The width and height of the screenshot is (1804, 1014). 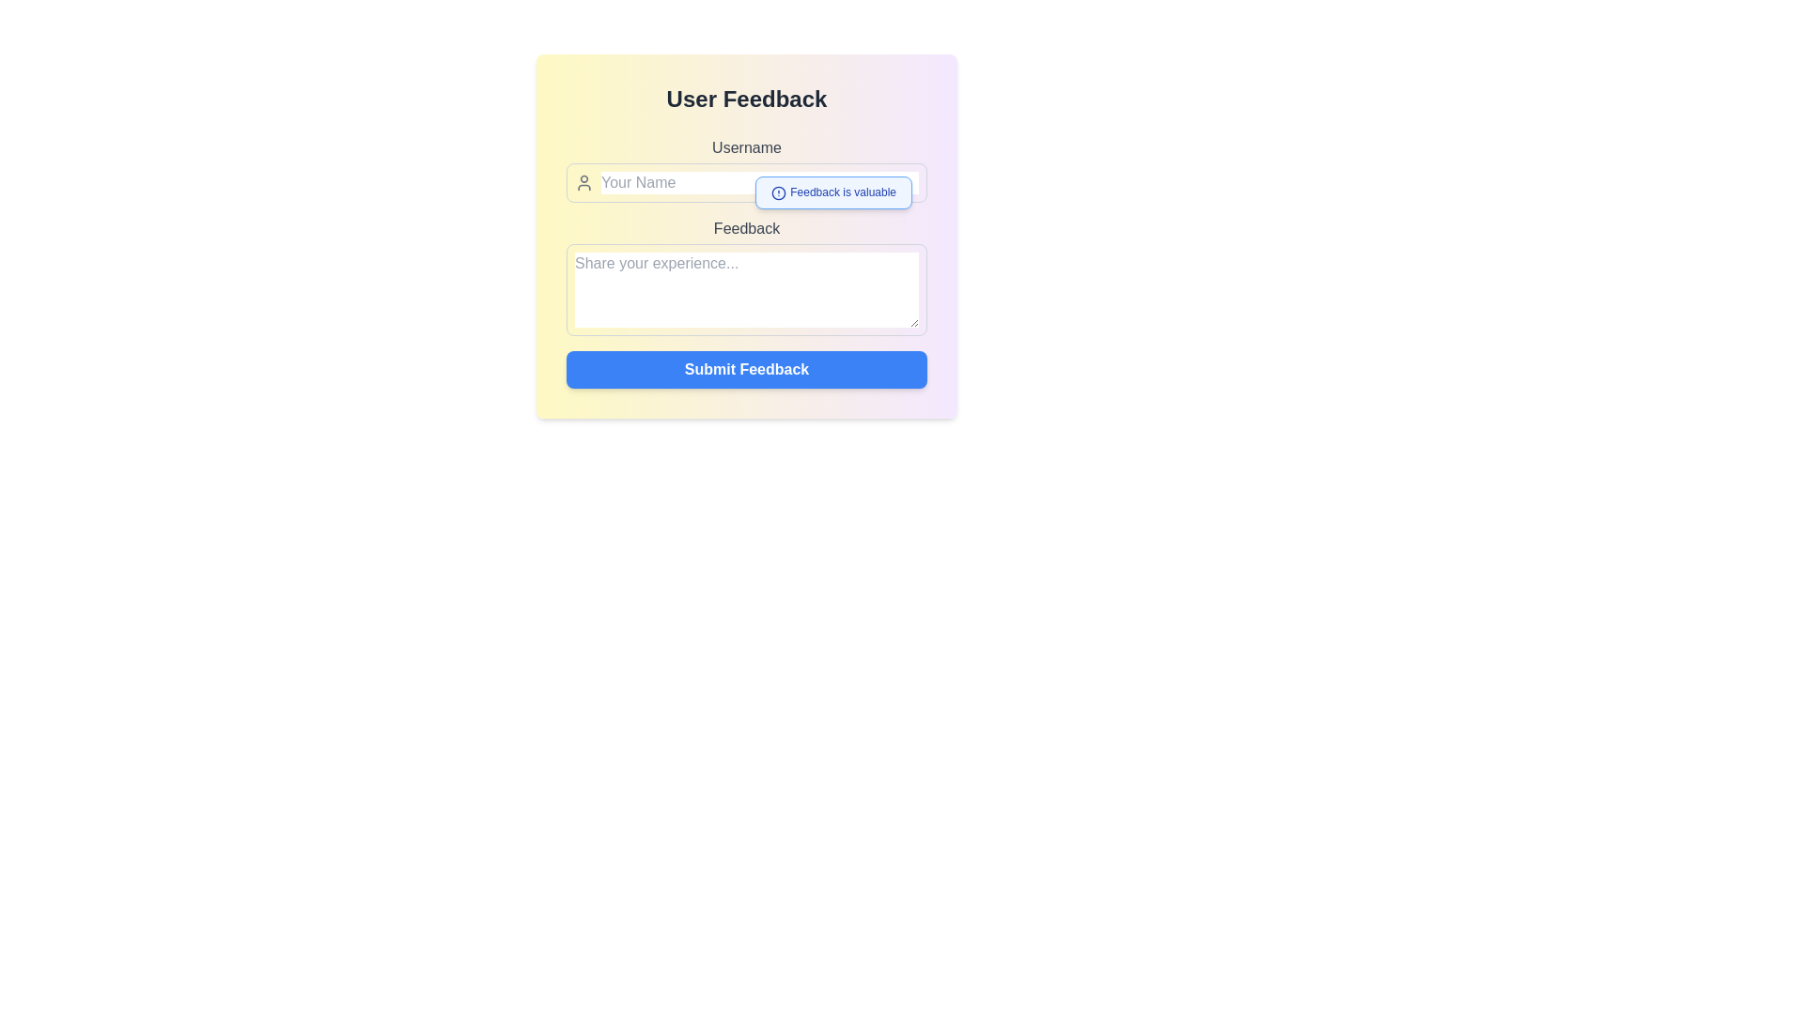 I want to click on the circular alert icon with a thin blue border and red fill, located to the left of the 'Feedback is valuable' text, so click(x=779, y=192).